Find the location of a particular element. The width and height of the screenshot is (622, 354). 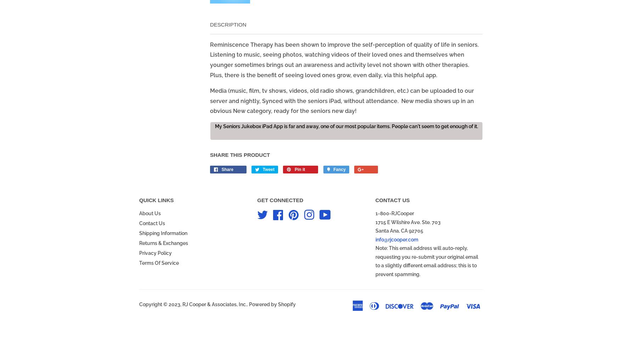

'My Seniors Jukebox iPad App is far and away, one of our most popular items. People can't seem to get enough of it.' is located at coordinates (214, 126).